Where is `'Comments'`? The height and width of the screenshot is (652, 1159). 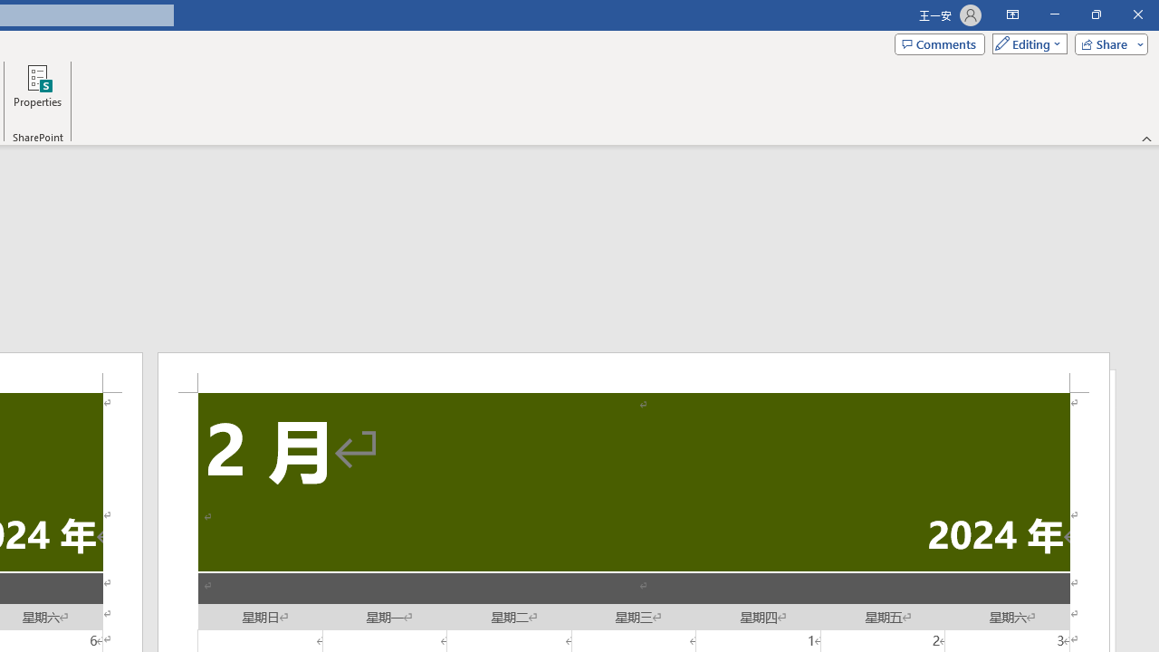
'Comments' is located at coordinates (940, 43).